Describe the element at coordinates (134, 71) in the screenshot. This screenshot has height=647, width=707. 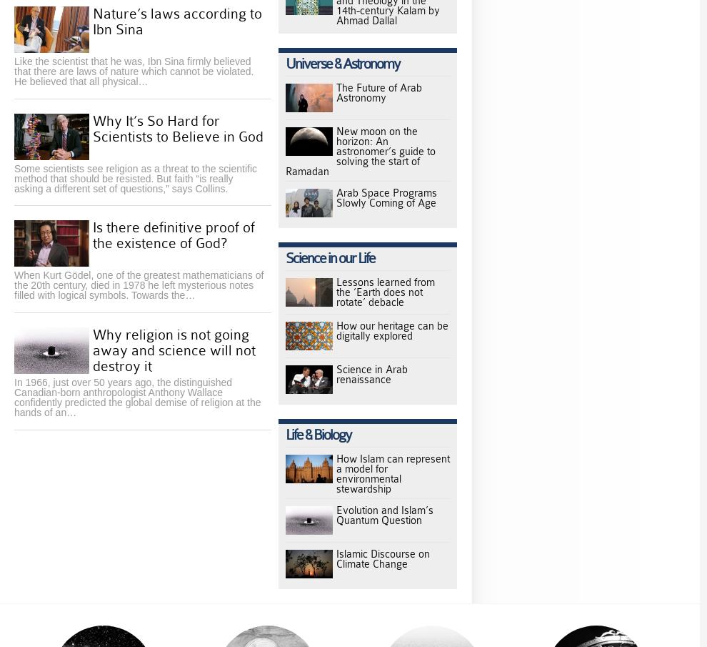
I see `'Like the scientist that he was, Ibn Sina firmly believed that there are laws of nature which cannot be violated. He believed that all physical…'` at that location.